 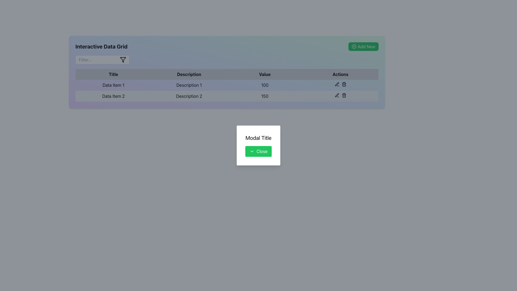 What do you see at coordinates (189, 85) in the screenshot?
I see `the text cell containing 'Description 1' in the table under the 'Description' column` at bounding box center [189, 85].